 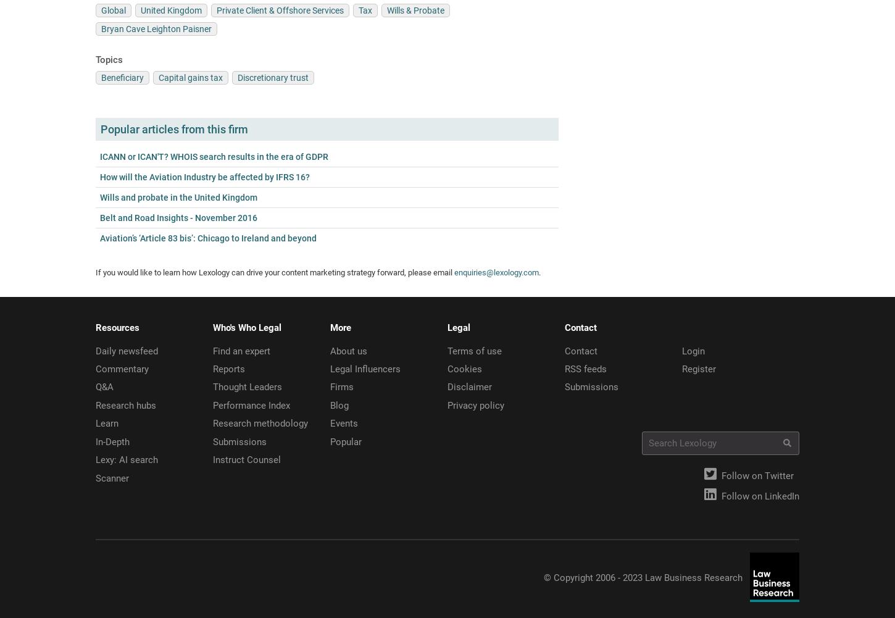 What do you see at coordinates (342, 387) in the screenshot?
I see `'Firms'` at bounding box center [342, 387].